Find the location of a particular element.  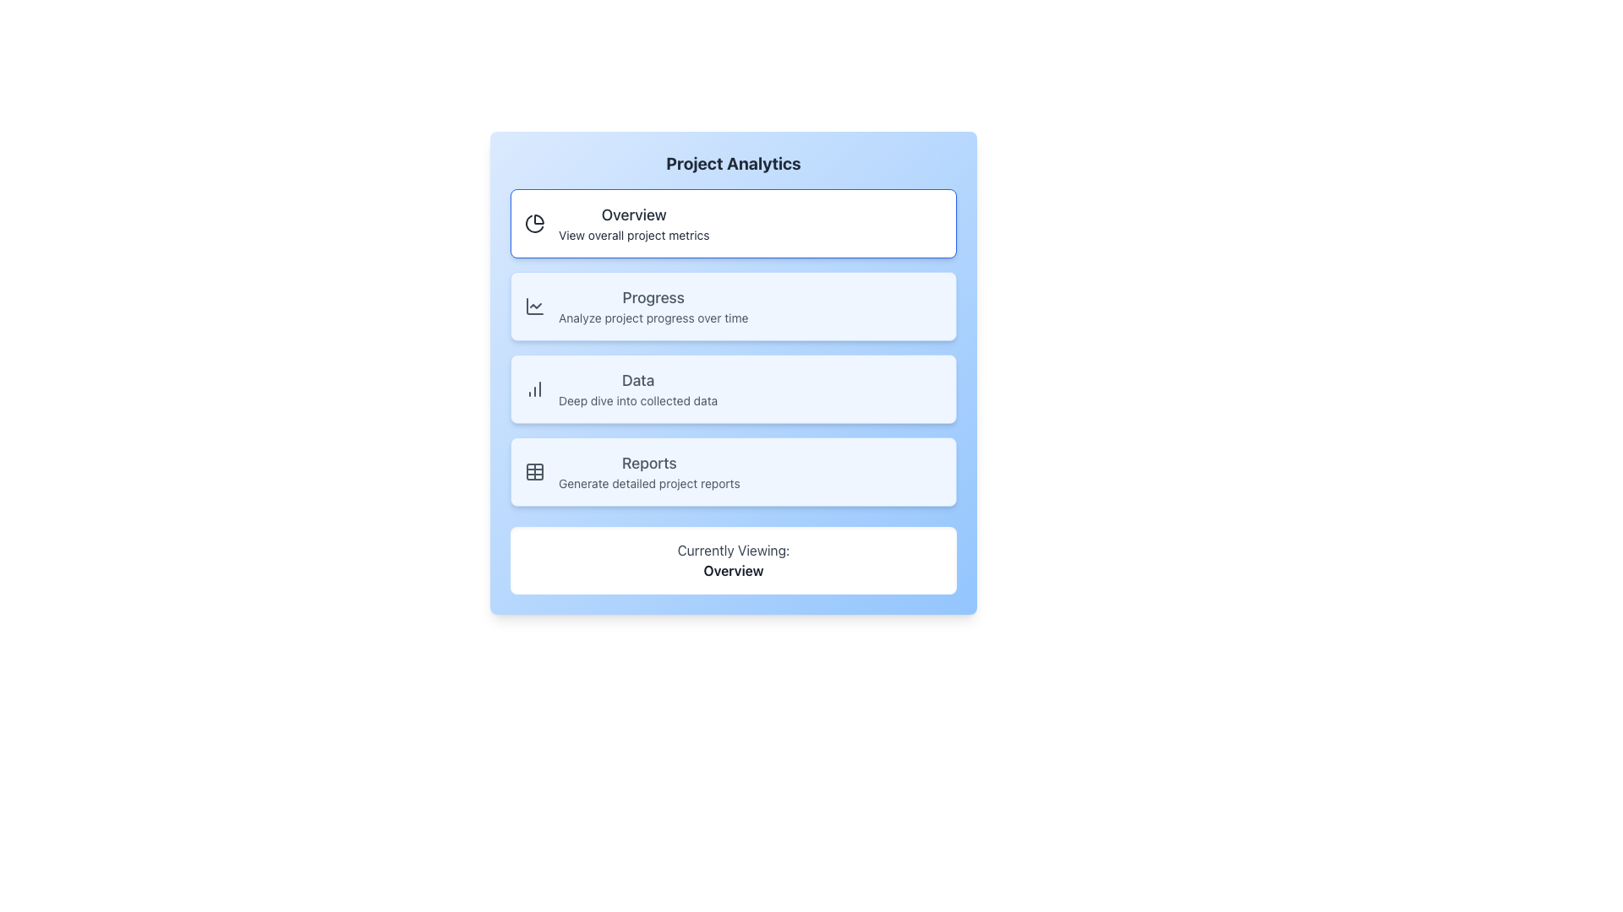

the text label that serves as the title for the second menu item, positioned at the top center of the interface, above the smaller text 'Analyze project progress over time' is located at coordinates (653, 297).